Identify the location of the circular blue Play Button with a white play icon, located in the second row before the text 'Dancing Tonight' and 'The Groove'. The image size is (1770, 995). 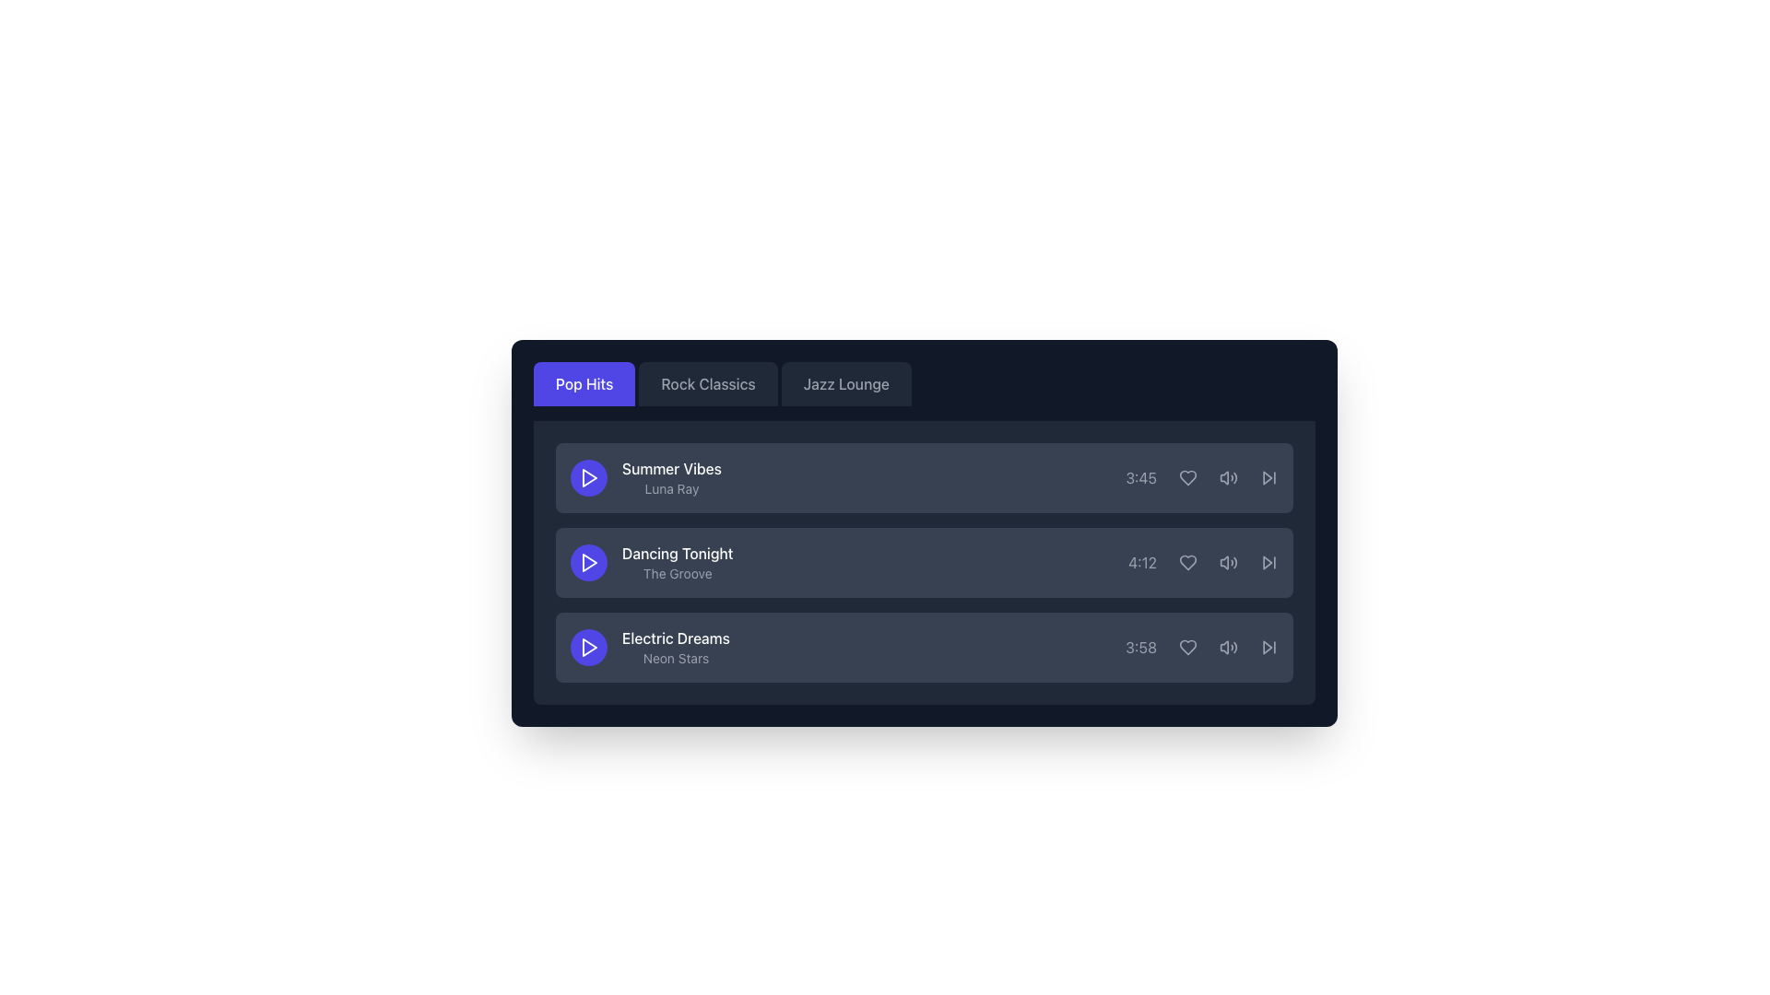
(587, 561).